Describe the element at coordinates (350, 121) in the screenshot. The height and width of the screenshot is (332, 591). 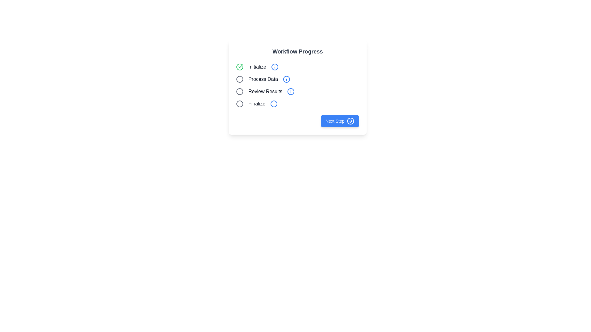
I see `the decorative icon at the rightmost part of the 'Next Step' button to reinforce forward navigation` at that location.